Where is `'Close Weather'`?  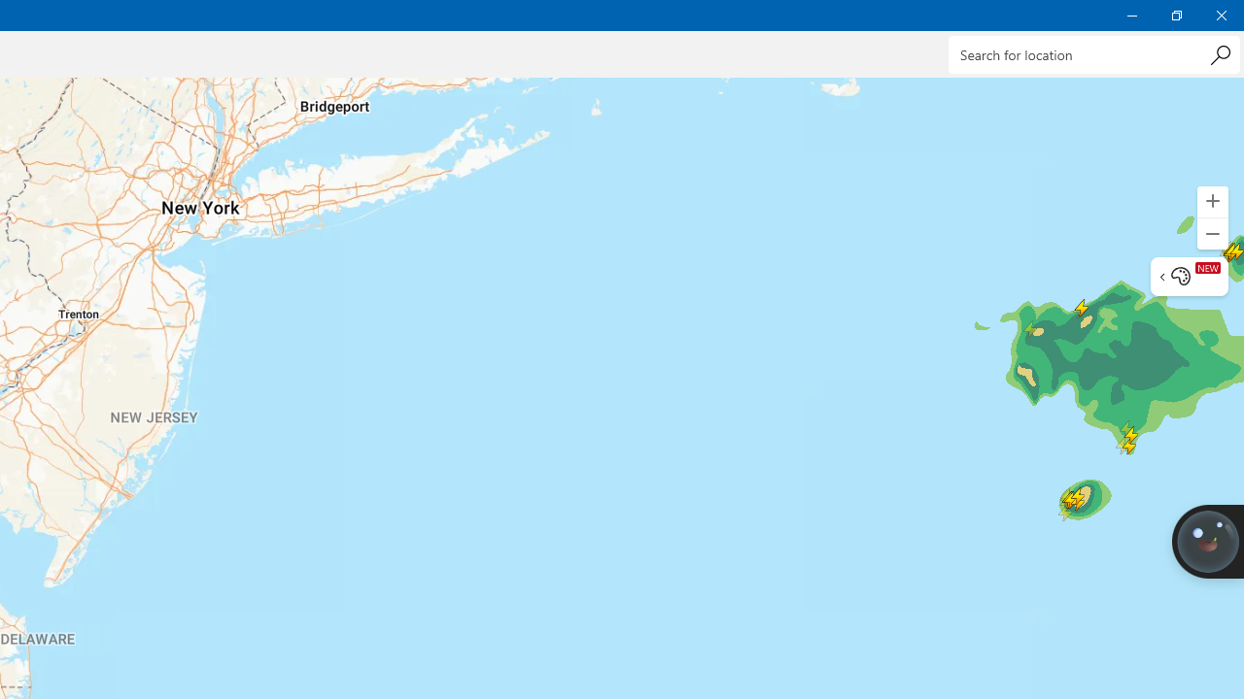
'Close Weather' is located at coordinates (1220, 15).